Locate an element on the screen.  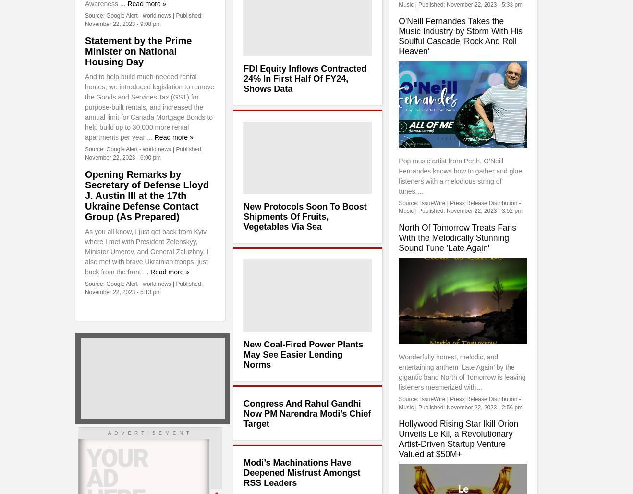
'Hollywood Rising Star Ikill Orion Unveils Le Kil, a Revolutionary Artist-Driven Startup Venture Valued at $50M+' is located at coordinates (458, 439).